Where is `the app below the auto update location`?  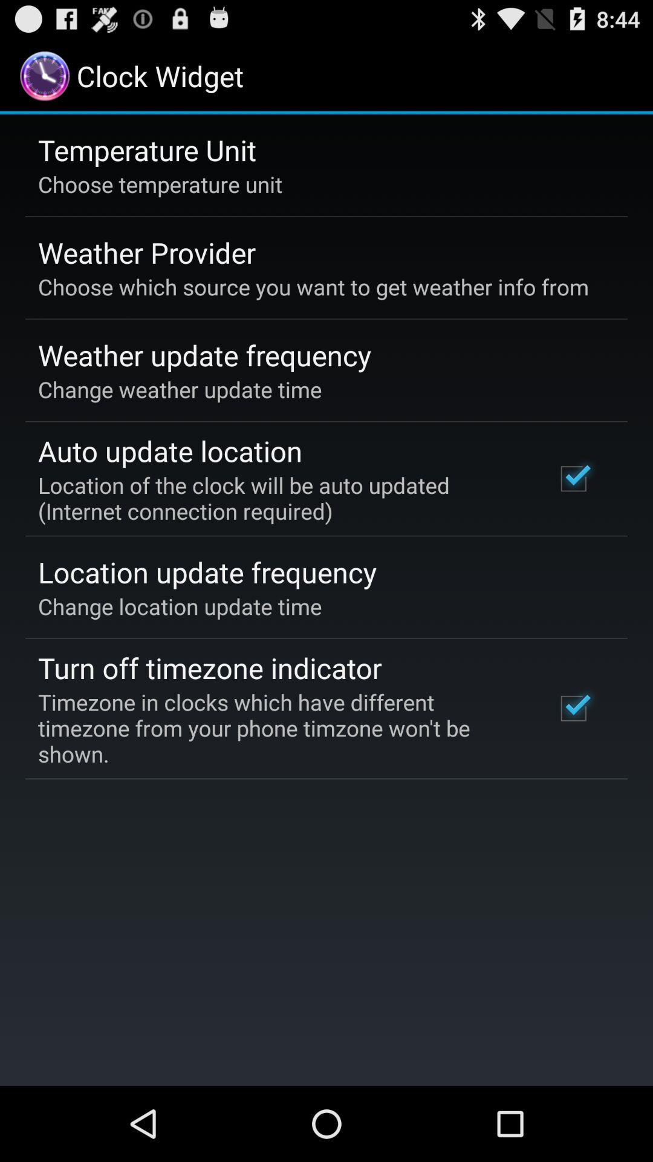
the app below the auto update location is located at coordinates (280, 498).